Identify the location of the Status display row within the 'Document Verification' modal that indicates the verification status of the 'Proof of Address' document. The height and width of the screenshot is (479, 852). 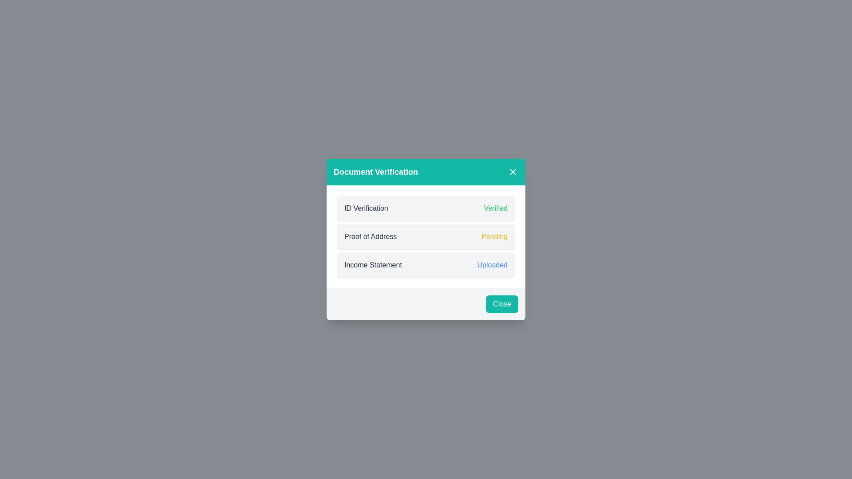
(426, 236).